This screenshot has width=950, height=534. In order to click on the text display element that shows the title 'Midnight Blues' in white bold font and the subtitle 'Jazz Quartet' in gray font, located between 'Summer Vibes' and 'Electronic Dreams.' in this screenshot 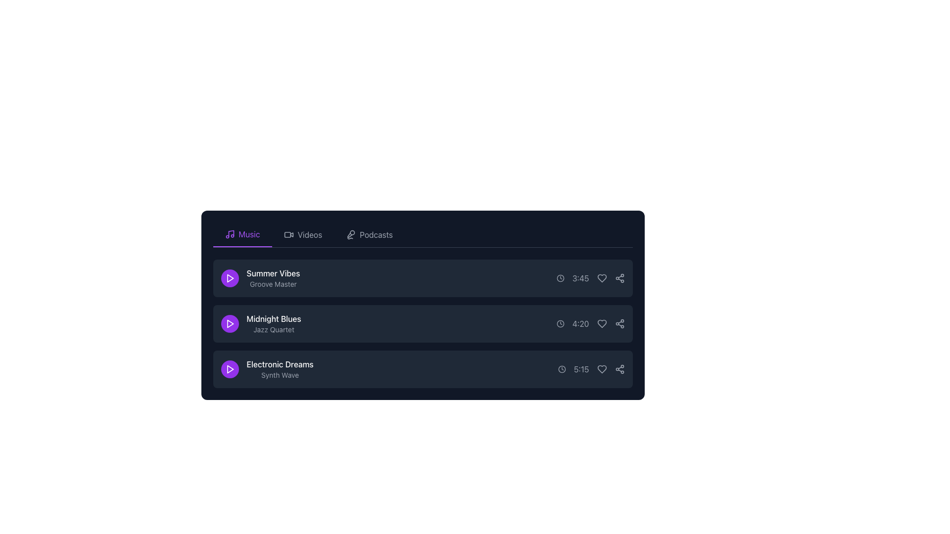, I will do `click(274, 324)`.